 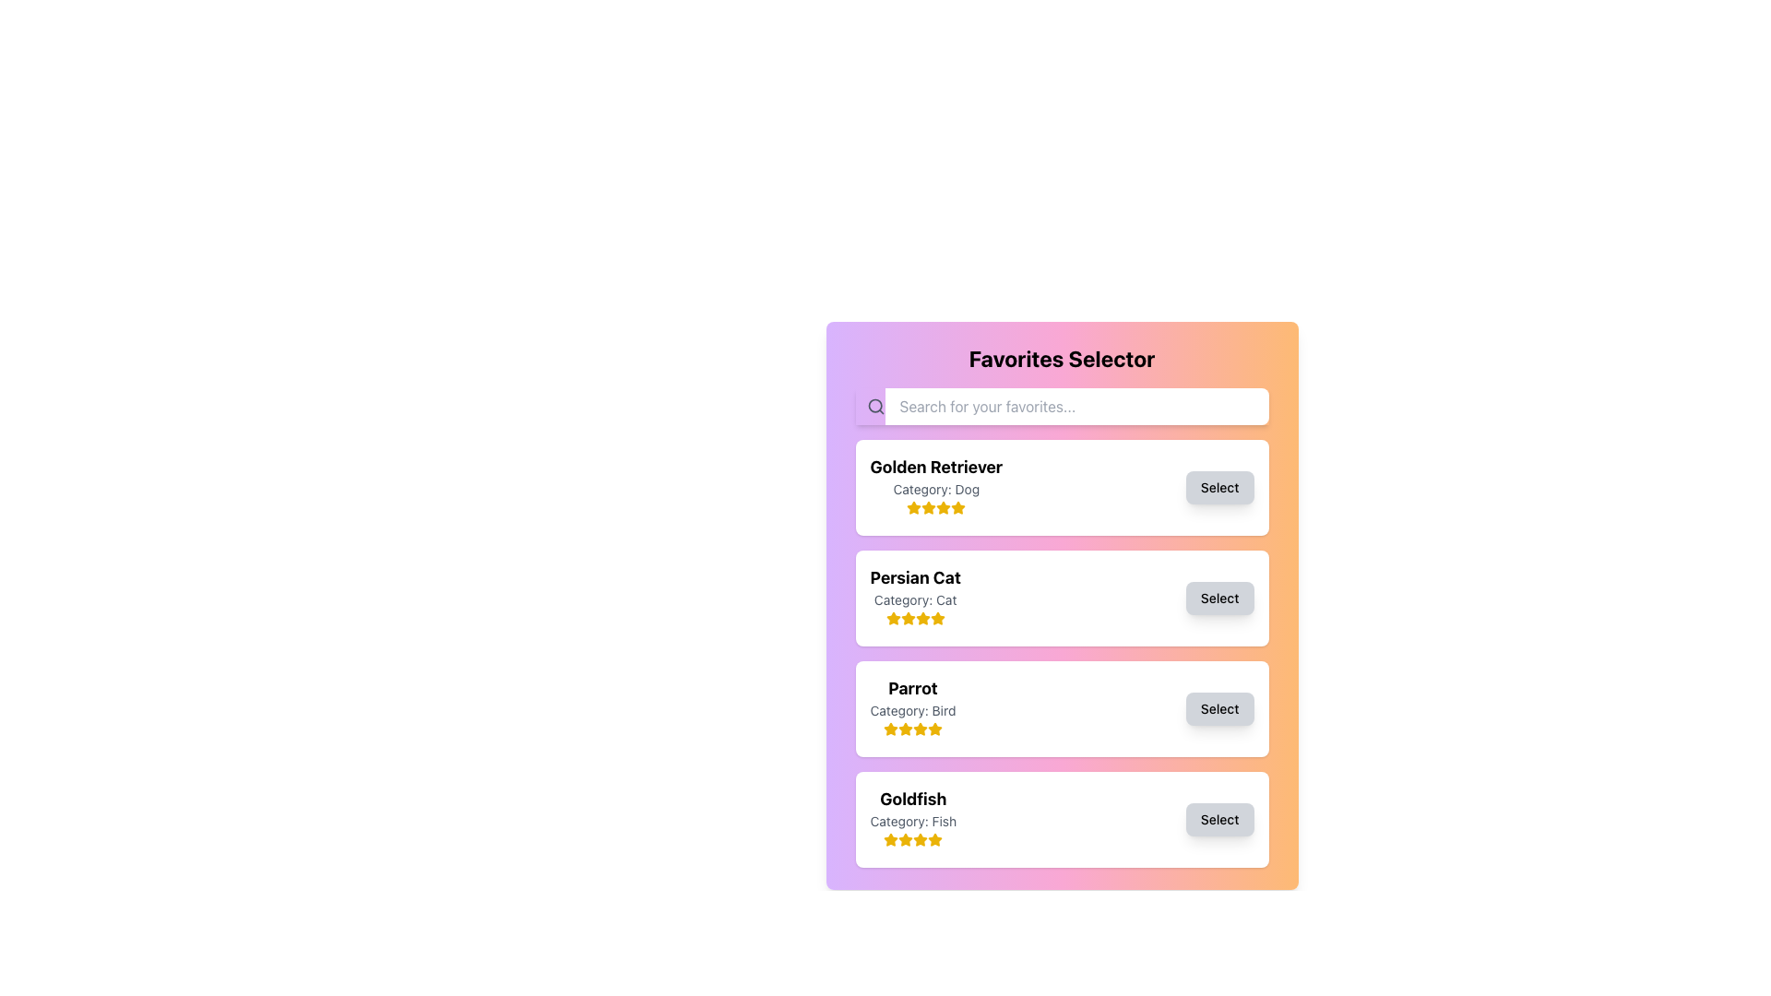 I want to click on the third yellow star icon in the rating component for the 'Parrot' item to rate it, so click(x=934, y=728).